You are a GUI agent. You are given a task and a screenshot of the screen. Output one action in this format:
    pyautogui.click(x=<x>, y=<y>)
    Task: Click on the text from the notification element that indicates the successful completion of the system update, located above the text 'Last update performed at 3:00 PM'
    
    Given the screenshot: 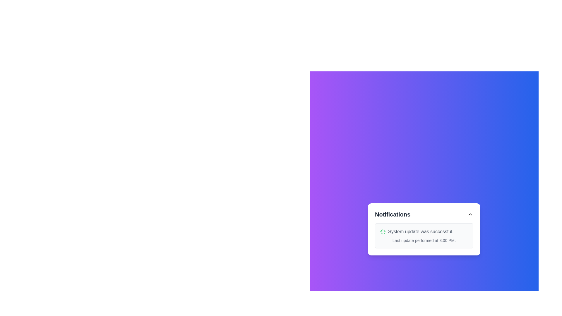 What is the action you would take?
    pyautogui.click(x=424, y=231)
    